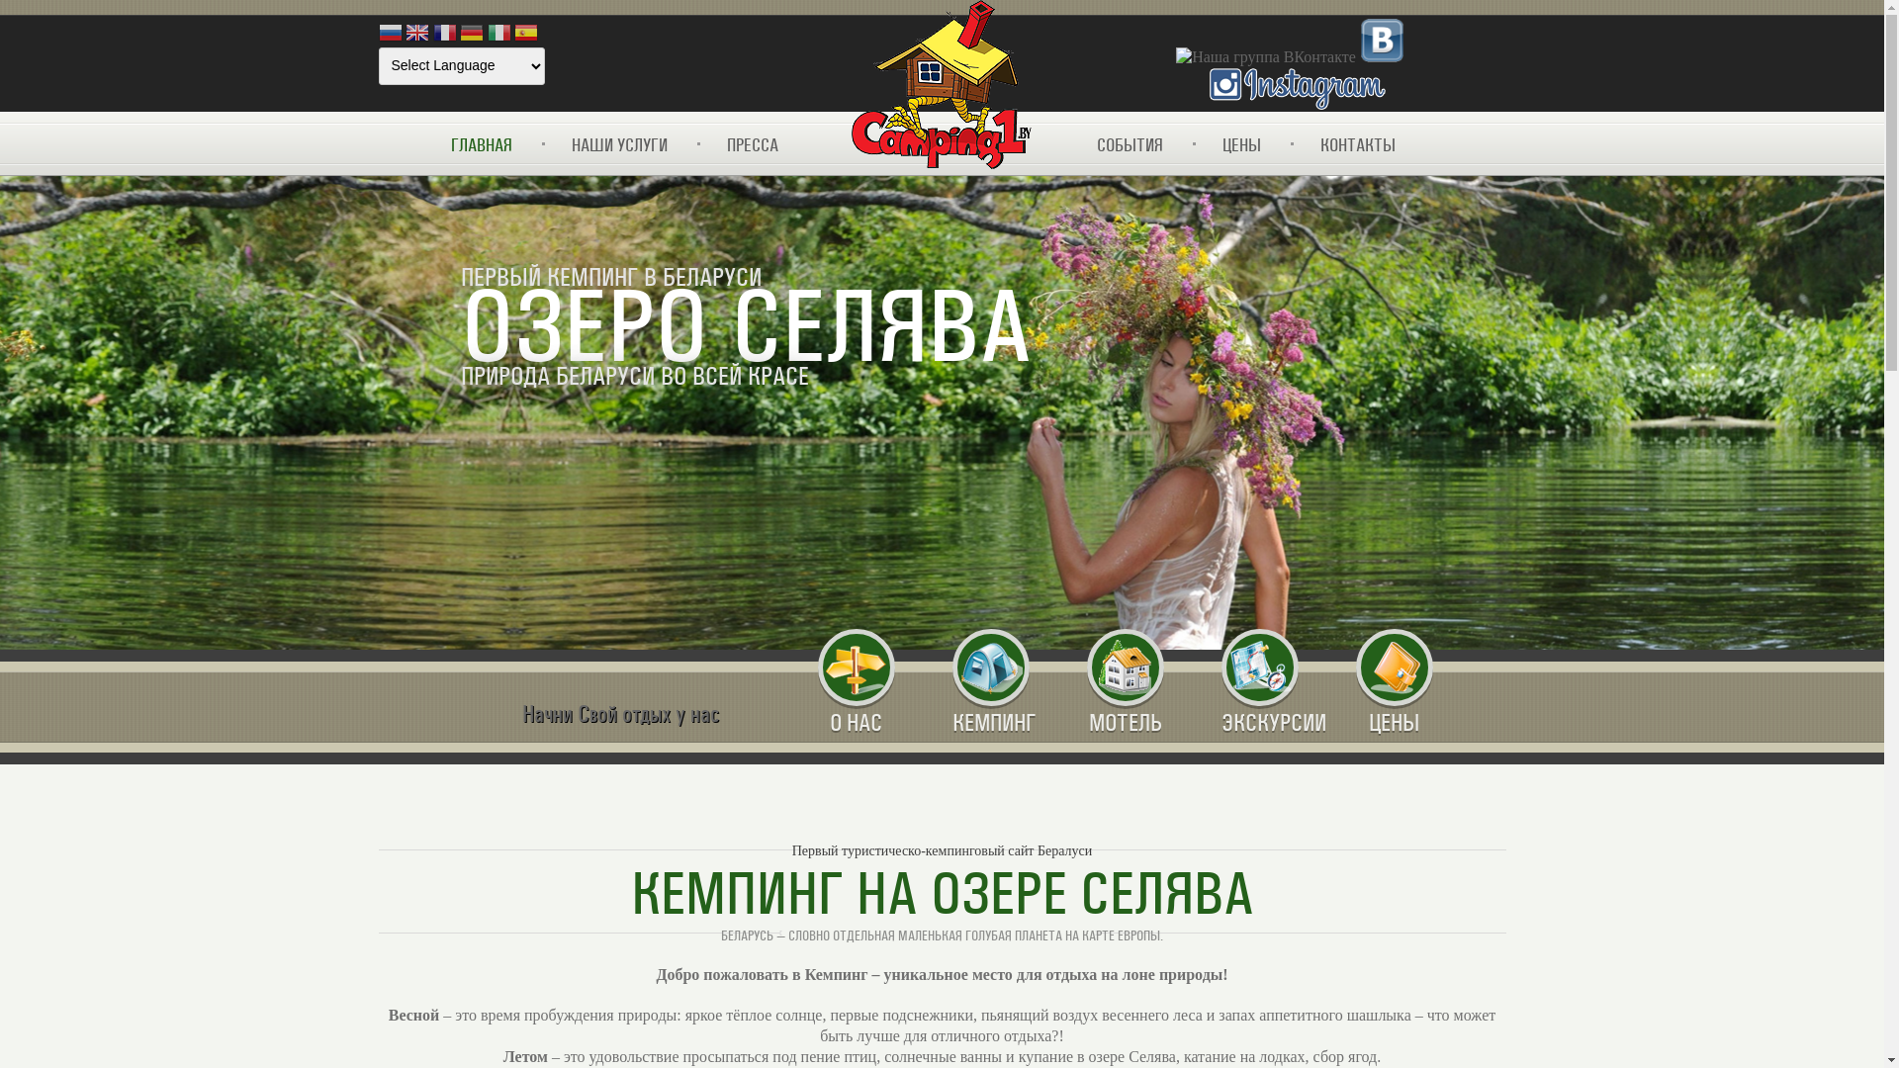 This screenshot has width=1899, height=1068. I want to click on 'Russian', so click(389, 34).